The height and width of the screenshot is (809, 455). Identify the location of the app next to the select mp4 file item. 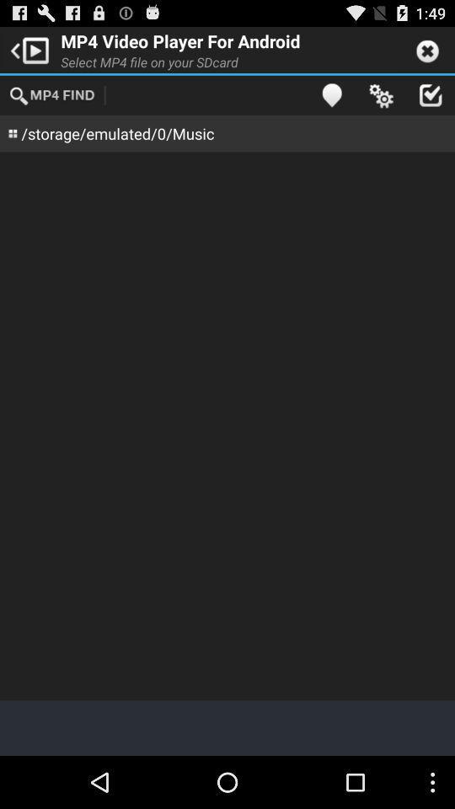
(331, 94).